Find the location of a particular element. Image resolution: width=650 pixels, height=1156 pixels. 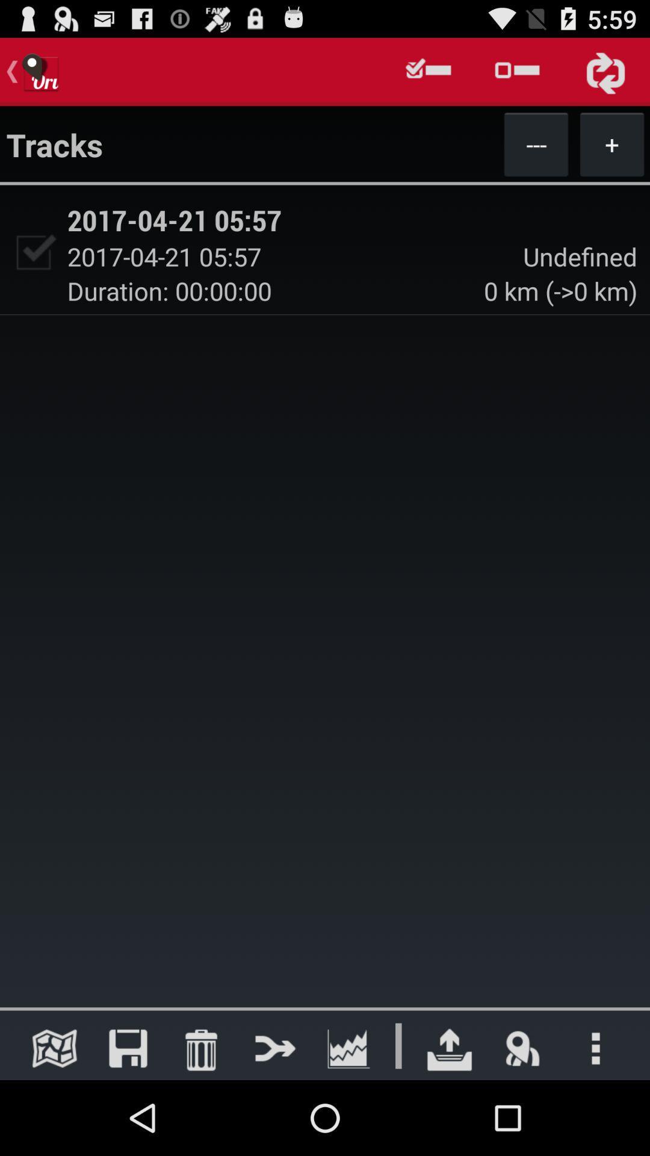

+ is located at coordinates (612, 144).